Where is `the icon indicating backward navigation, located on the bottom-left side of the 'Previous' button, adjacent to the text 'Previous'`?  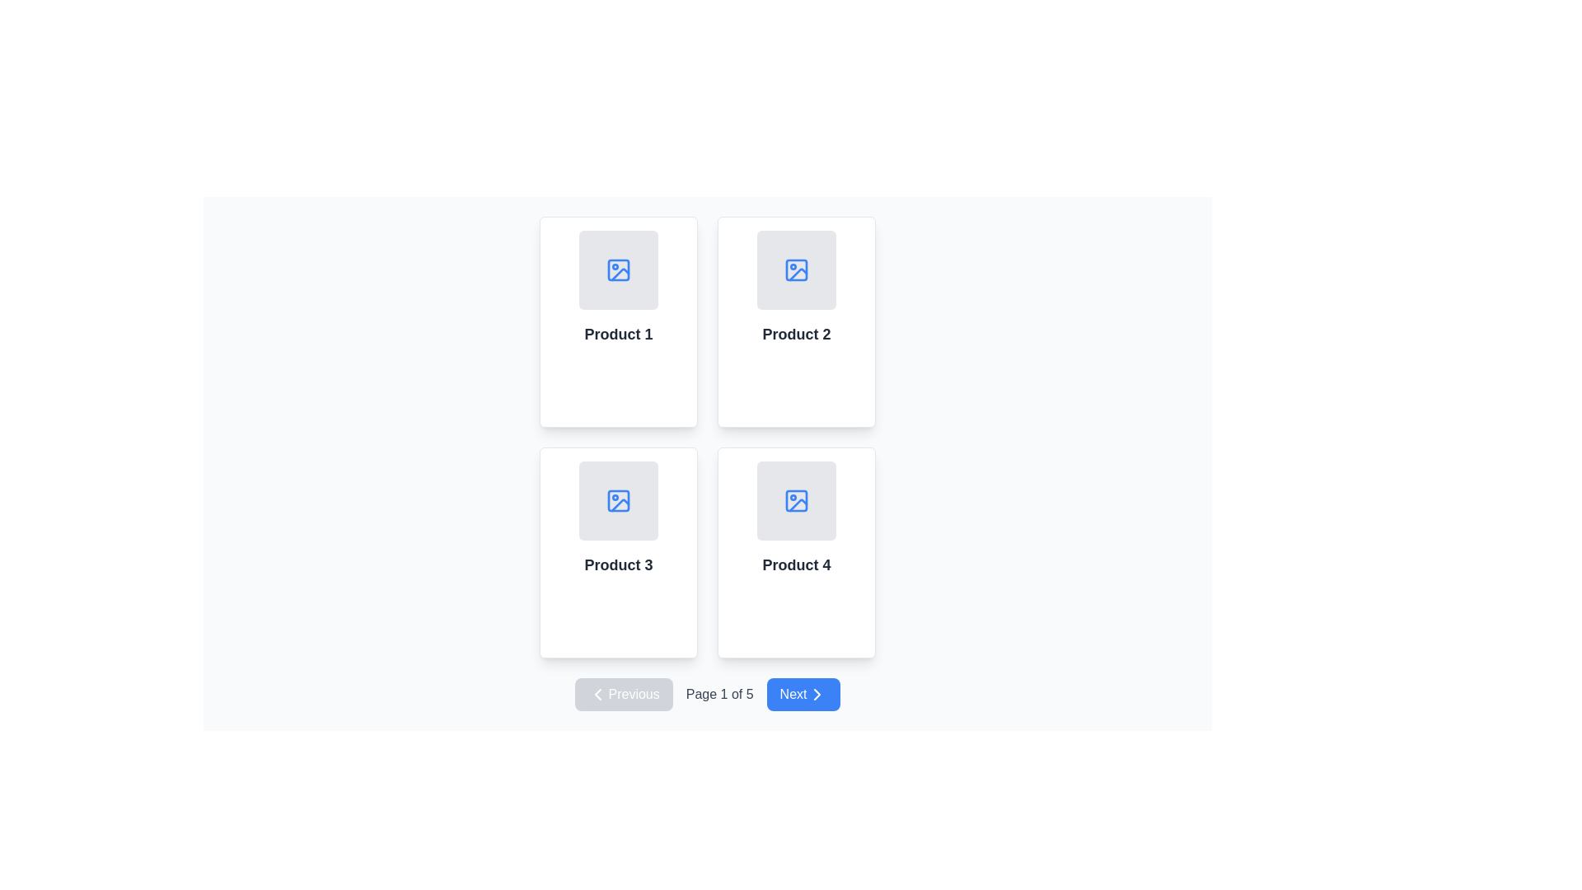 the icon indicating backward navigation, located on the bottom-left side of the 'Previous' button, adjacent to the text 'Previous' is located at coordinates (597, 695).